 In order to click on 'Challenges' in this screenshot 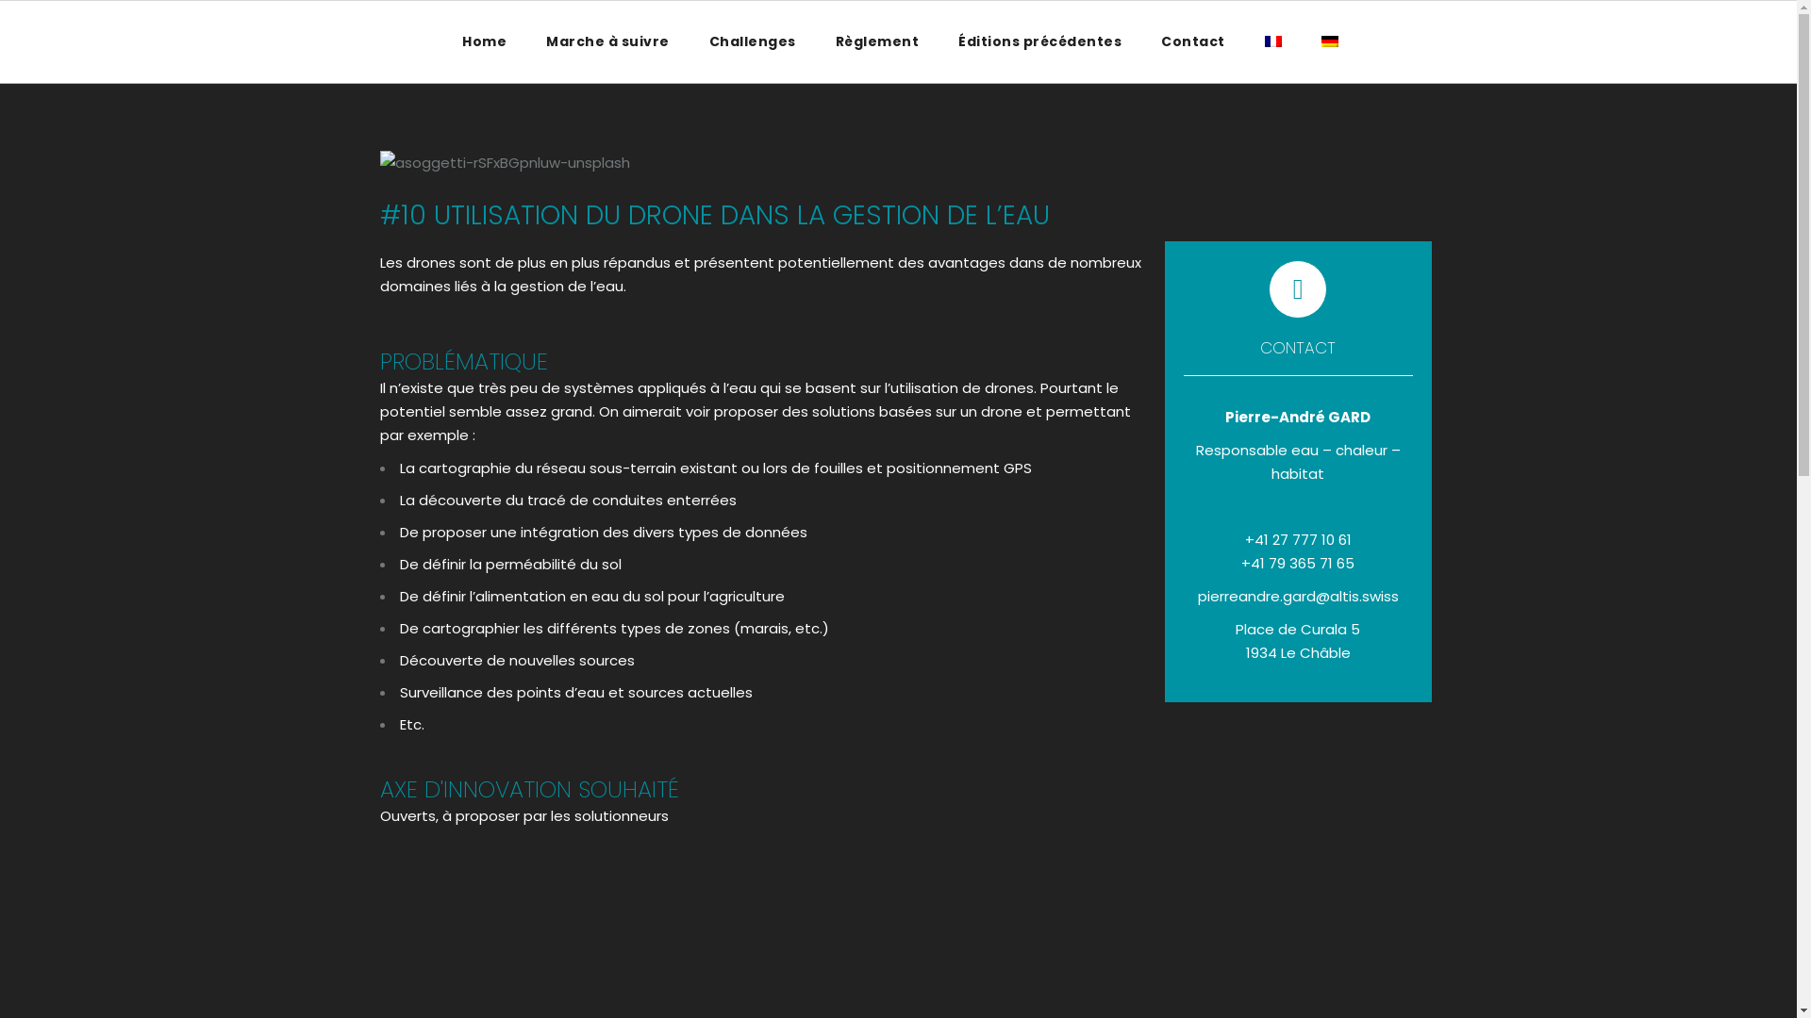, I will do `click(688, 41)`.